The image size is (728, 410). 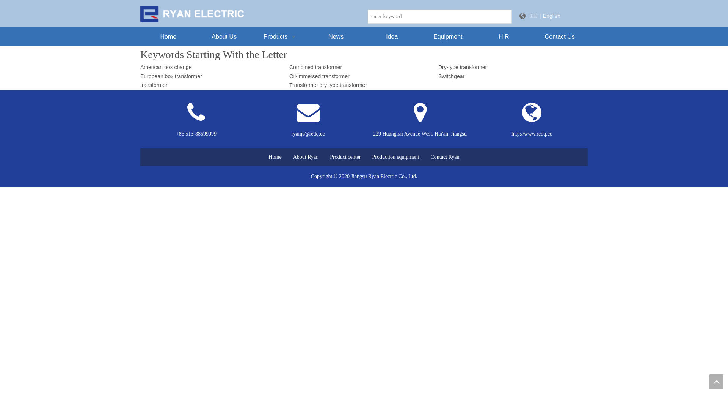 I want to click on 'Contact Ryan', so click(x=444, y=156).